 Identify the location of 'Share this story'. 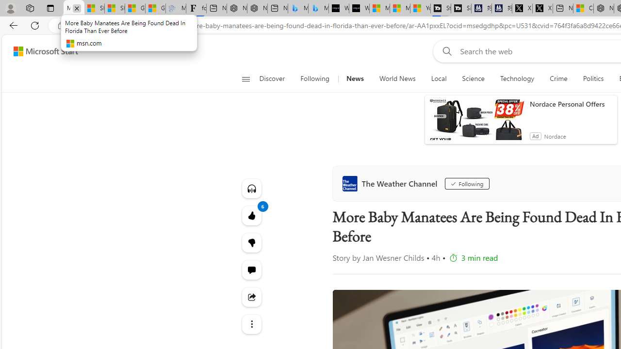
(251, 297).